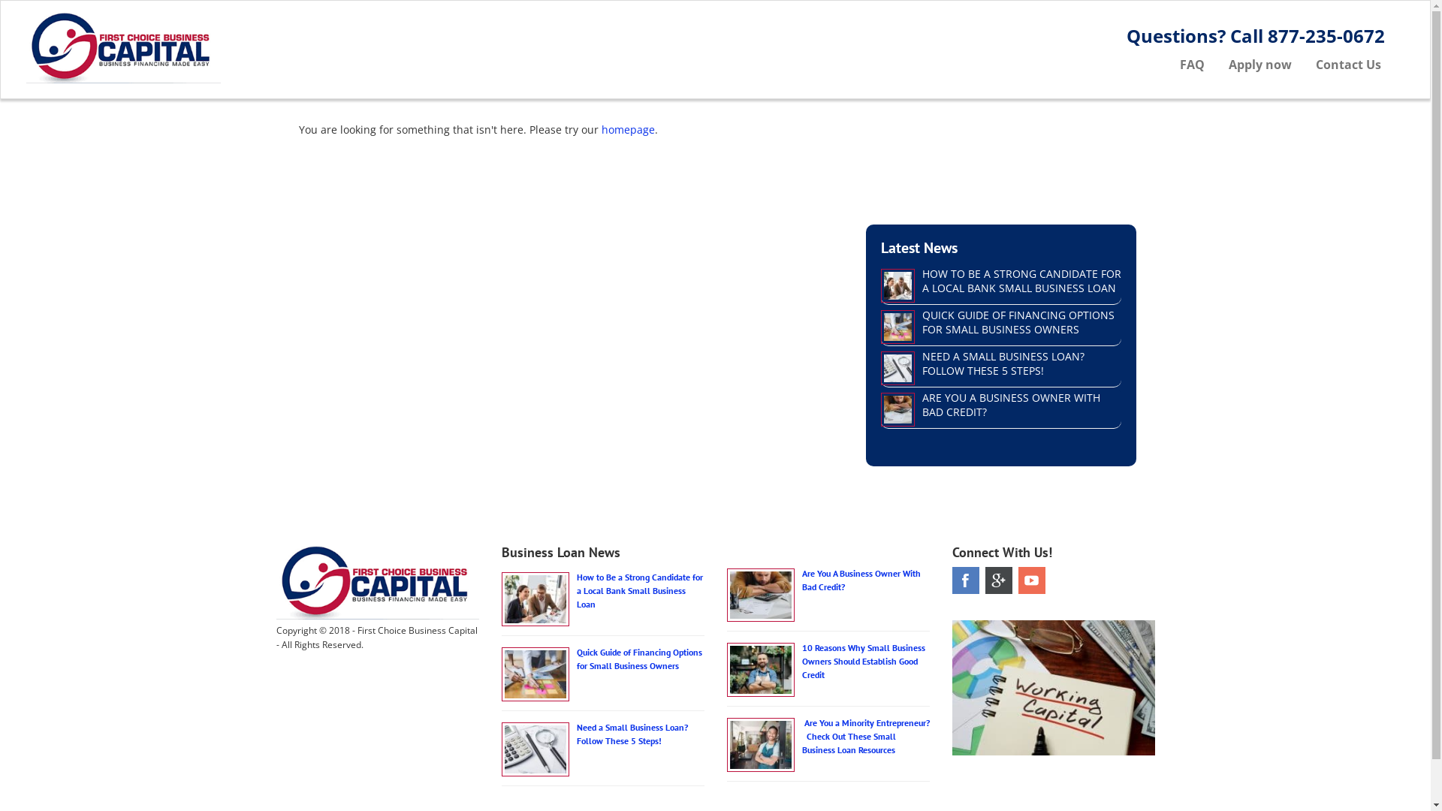  I want to click on 'ARE YOU A BUSINESS OWNER WITH BAD CREDIT?', so click(1011, 404).